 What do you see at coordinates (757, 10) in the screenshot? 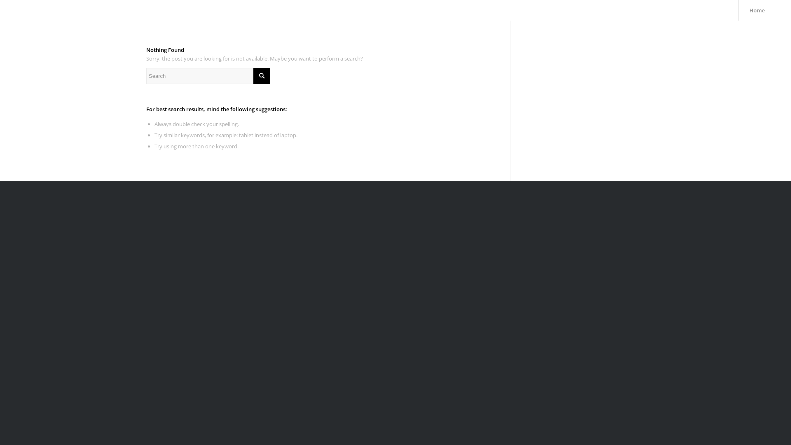
I see `'Home'` at bounding box center [757, 10].